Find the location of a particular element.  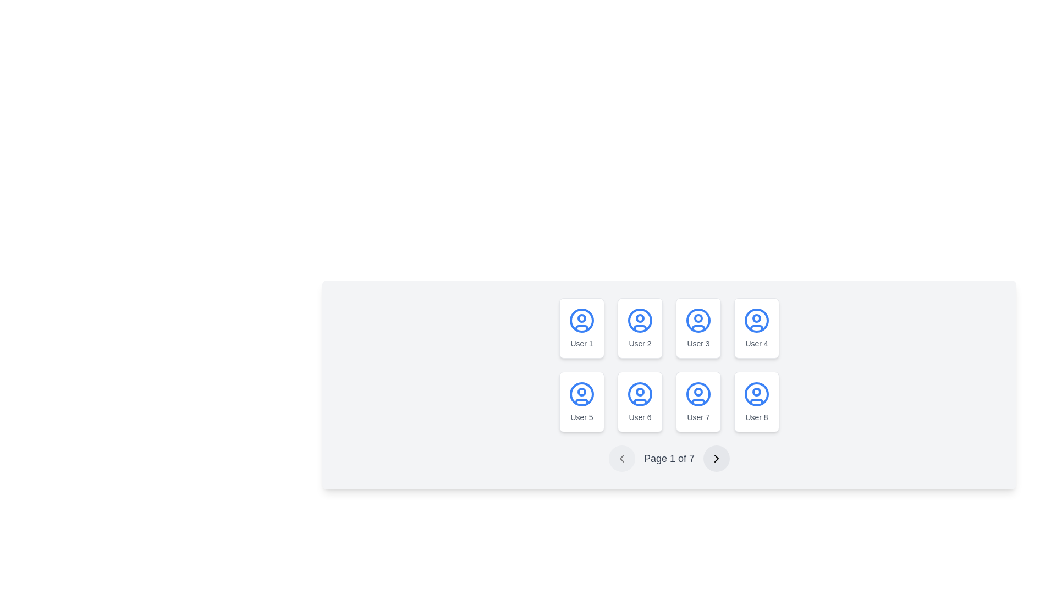

the circular shape with a blue outline that is part of the User 8 icon, located in the 2x4 grid layout of user icons is located at coordinates (756, 394).